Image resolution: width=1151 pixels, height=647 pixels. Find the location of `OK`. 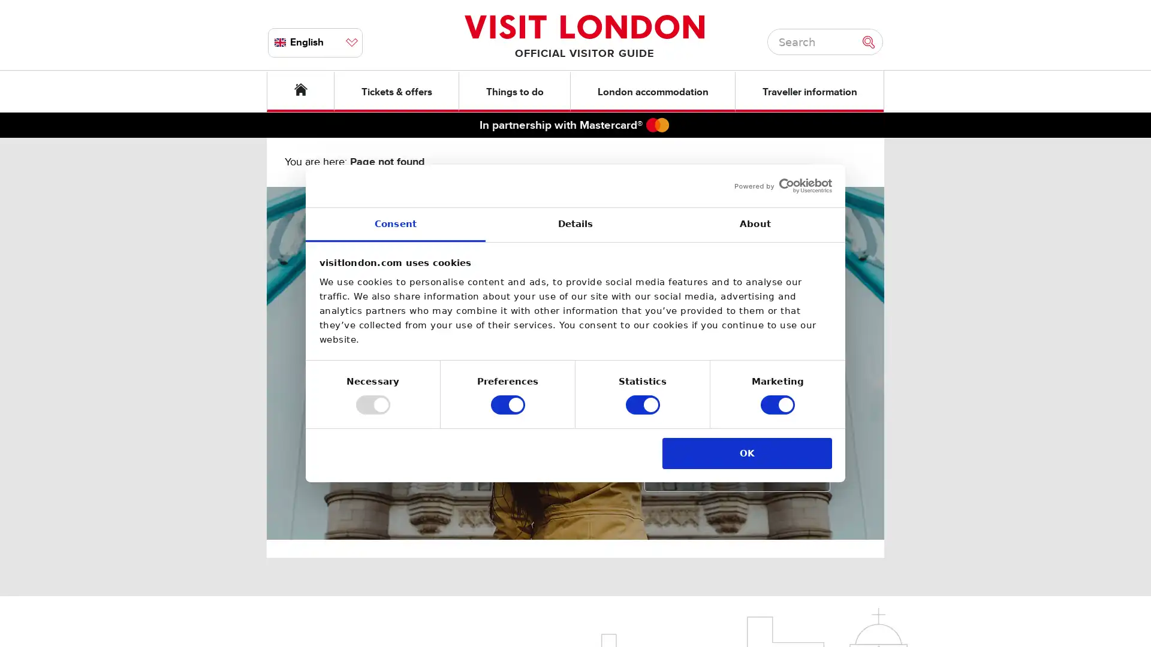

OK is located at coordinates (746, 453).